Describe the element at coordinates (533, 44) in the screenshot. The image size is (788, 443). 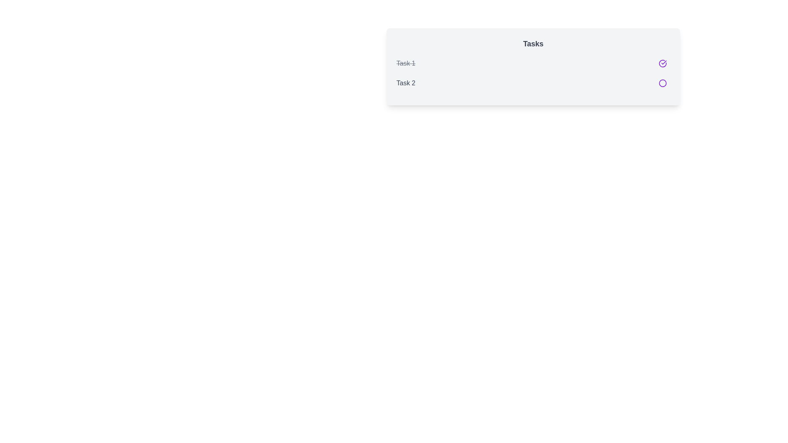
I see `the header text label that serves as the title for the task list` at that location.